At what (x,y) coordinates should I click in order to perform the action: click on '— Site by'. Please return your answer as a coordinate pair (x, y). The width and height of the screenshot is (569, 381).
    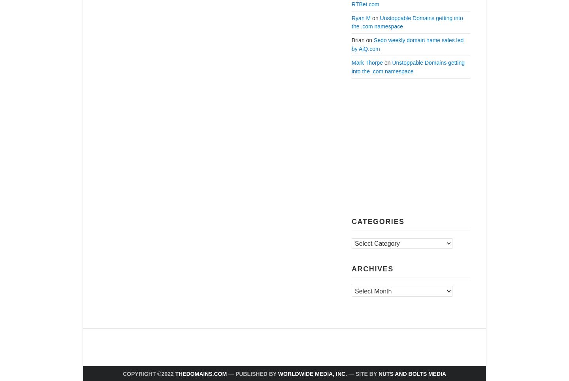
    Looking at the image, I should click on (362, 373).